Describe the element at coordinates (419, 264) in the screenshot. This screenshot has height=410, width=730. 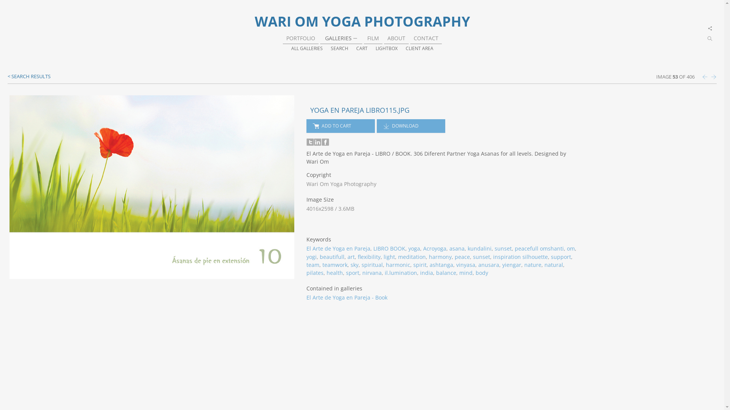
I see `'spirit'` at that location.